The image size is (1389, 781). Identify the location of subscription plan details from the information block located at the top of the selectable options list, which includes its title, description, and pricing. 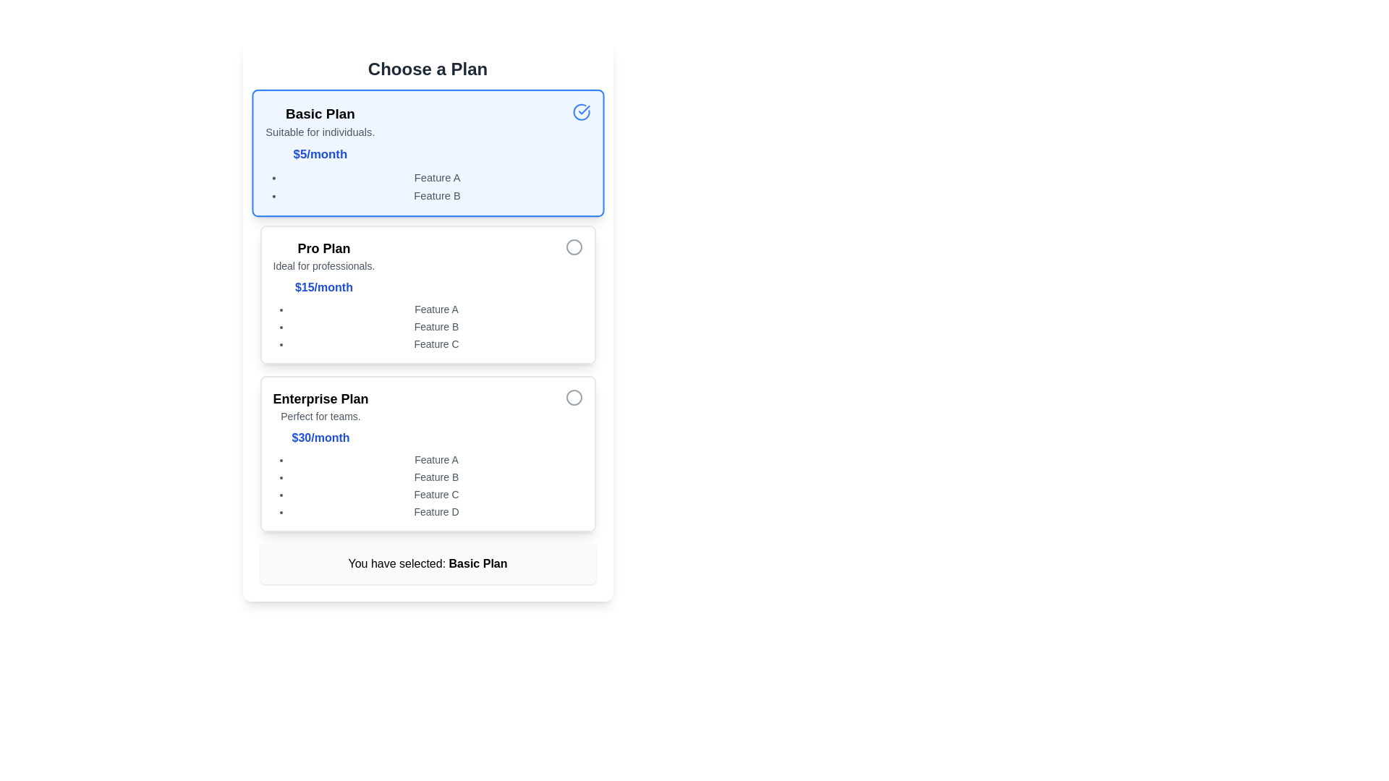
(319, 133).